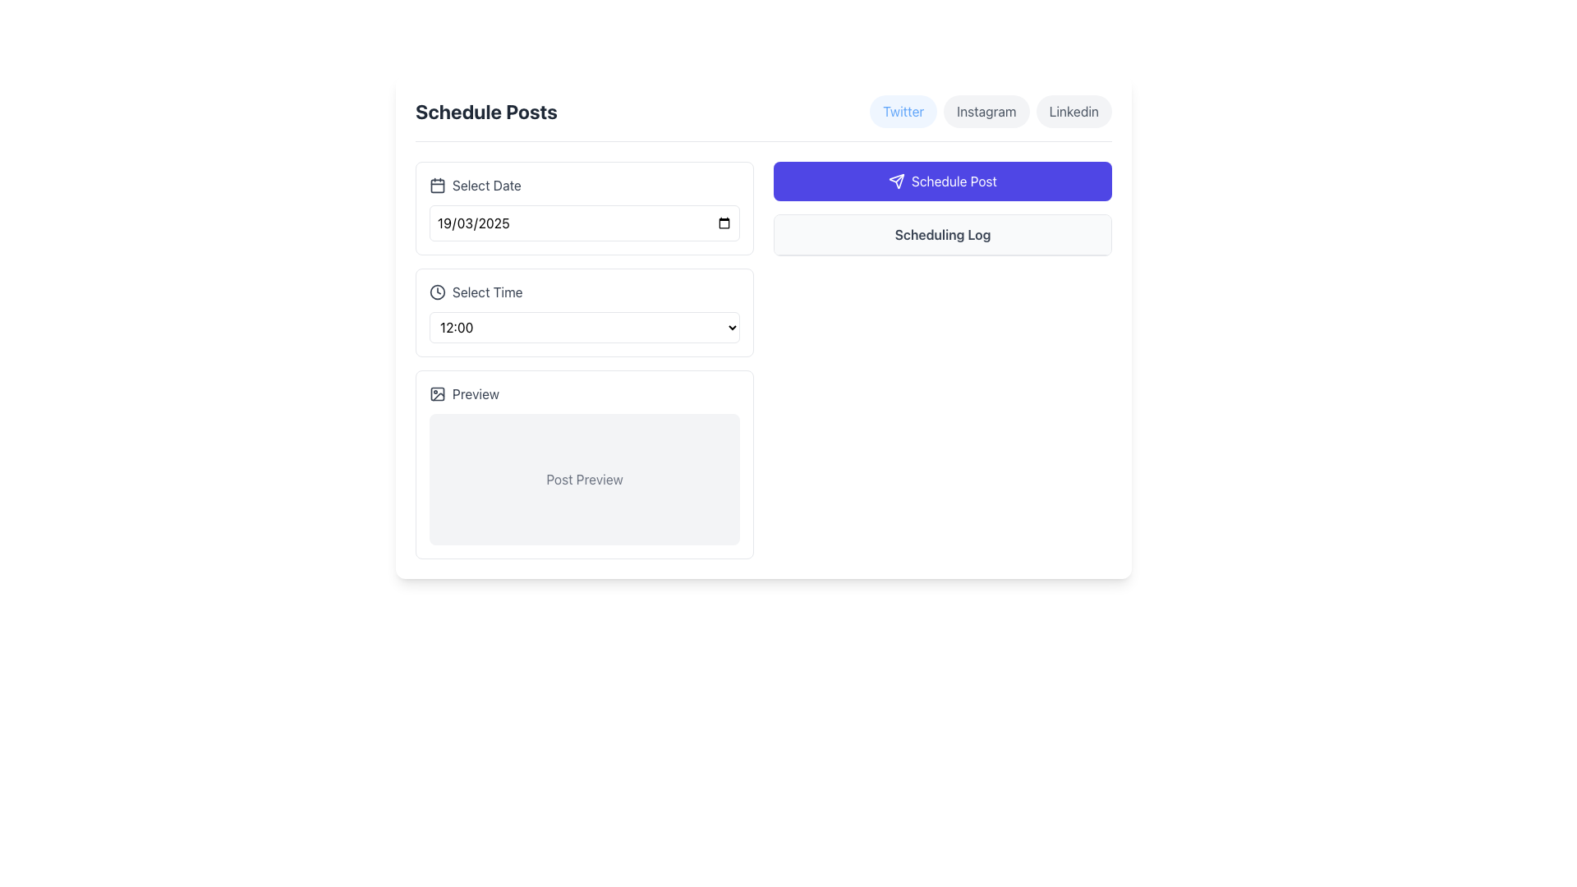 This screenshot has width=1577, height=887. I want to click on the date input field displaying '19/03/2025', so click(584, 223).